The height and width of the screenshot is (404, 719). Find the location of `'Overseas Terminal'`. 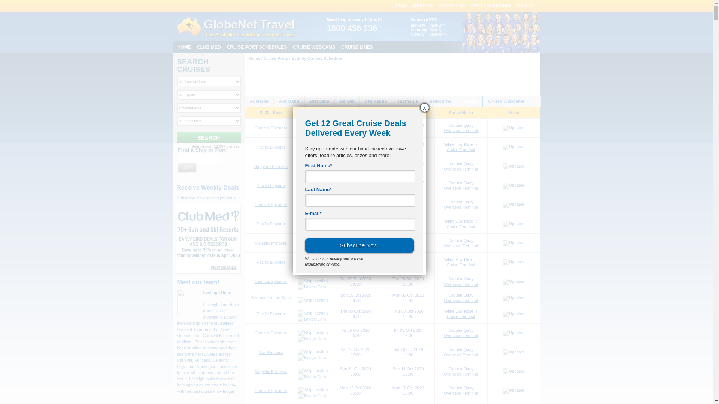

'Overseas Terminal' is located at coordinates (460, 187).